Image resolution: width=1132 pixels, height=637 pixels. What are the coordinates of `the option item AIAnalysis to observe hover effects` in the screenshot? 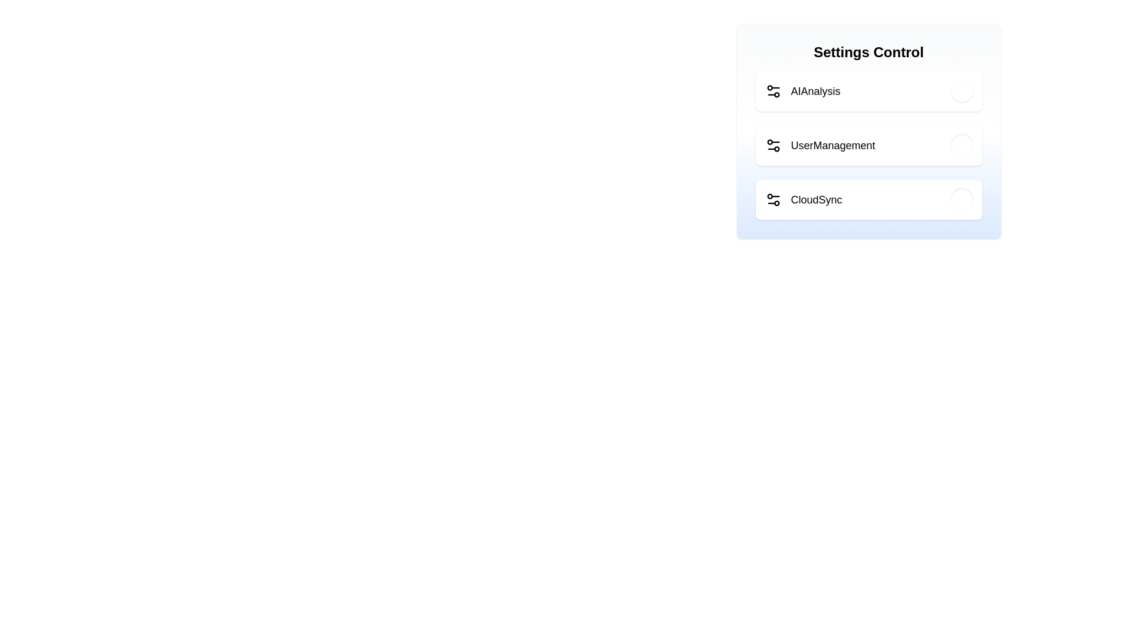 It's located at (868, 90).